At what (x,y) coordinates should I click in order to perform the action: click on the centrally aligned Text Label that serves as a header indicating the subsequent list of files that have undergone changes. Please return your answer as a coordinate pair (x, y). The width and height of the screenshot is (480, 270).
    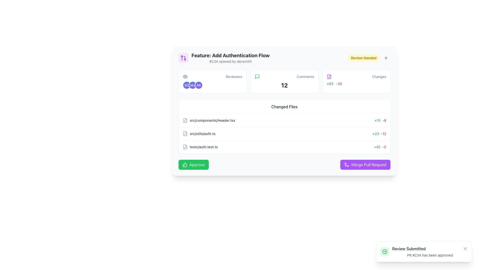
    Looking at the image, I should click on (284, 106).